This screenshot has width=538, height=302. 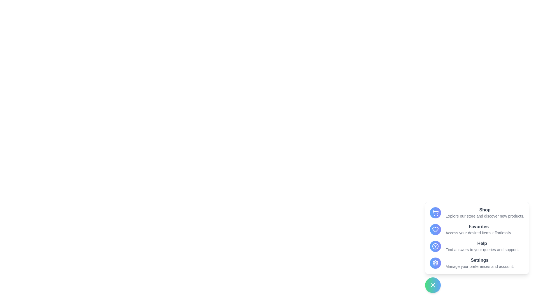 I want to click on the menu option Help, so click(x=435, y=246).